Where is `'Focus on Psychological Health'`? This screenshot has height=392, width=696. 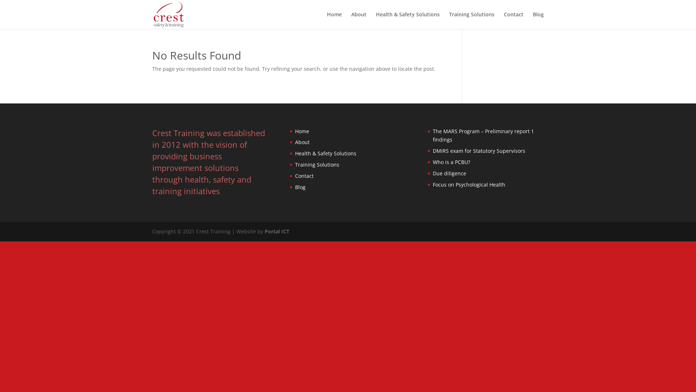
'Focus on Psychological Health' is located at coordinates (469, 184).